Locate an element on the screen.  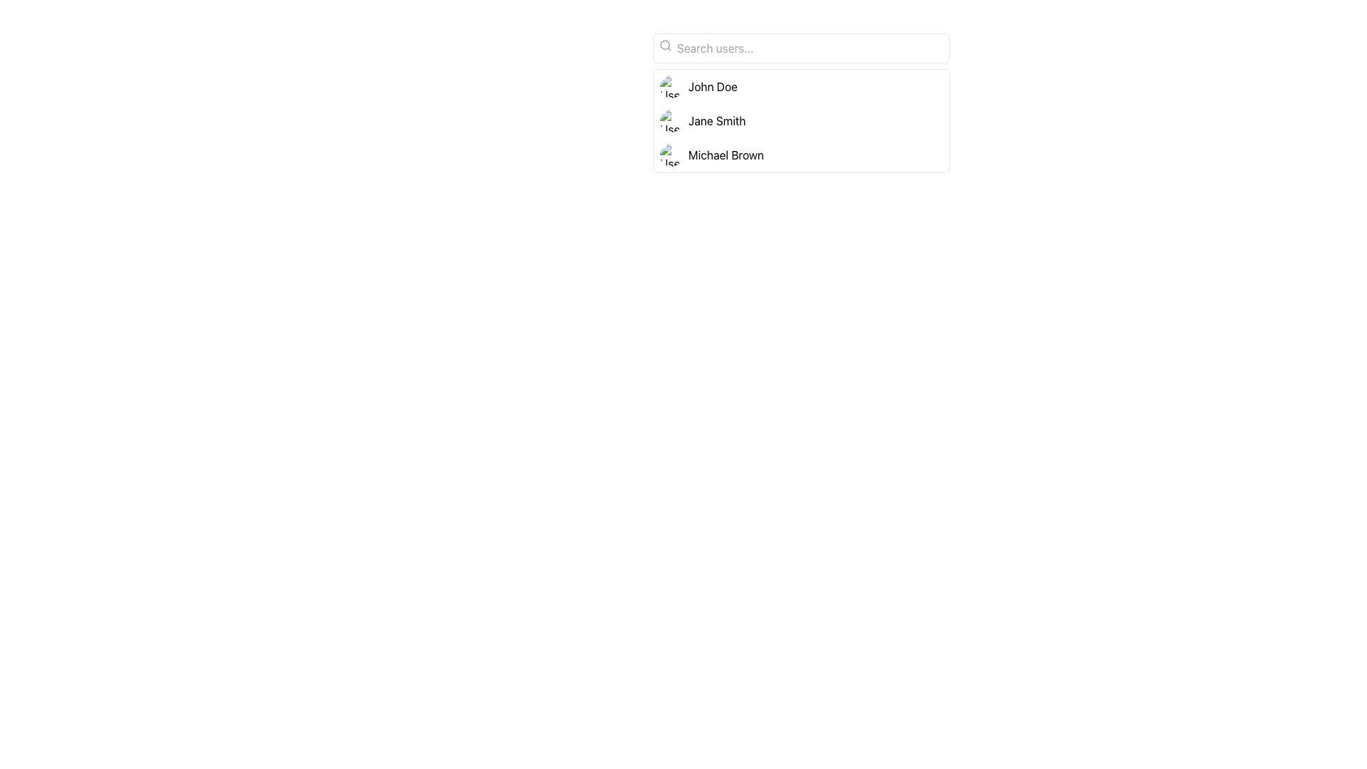
the circular part of the search icon represented by the SVG Circle, which visually symbolizes the magnifying glass is located at coordinates (664, 44).